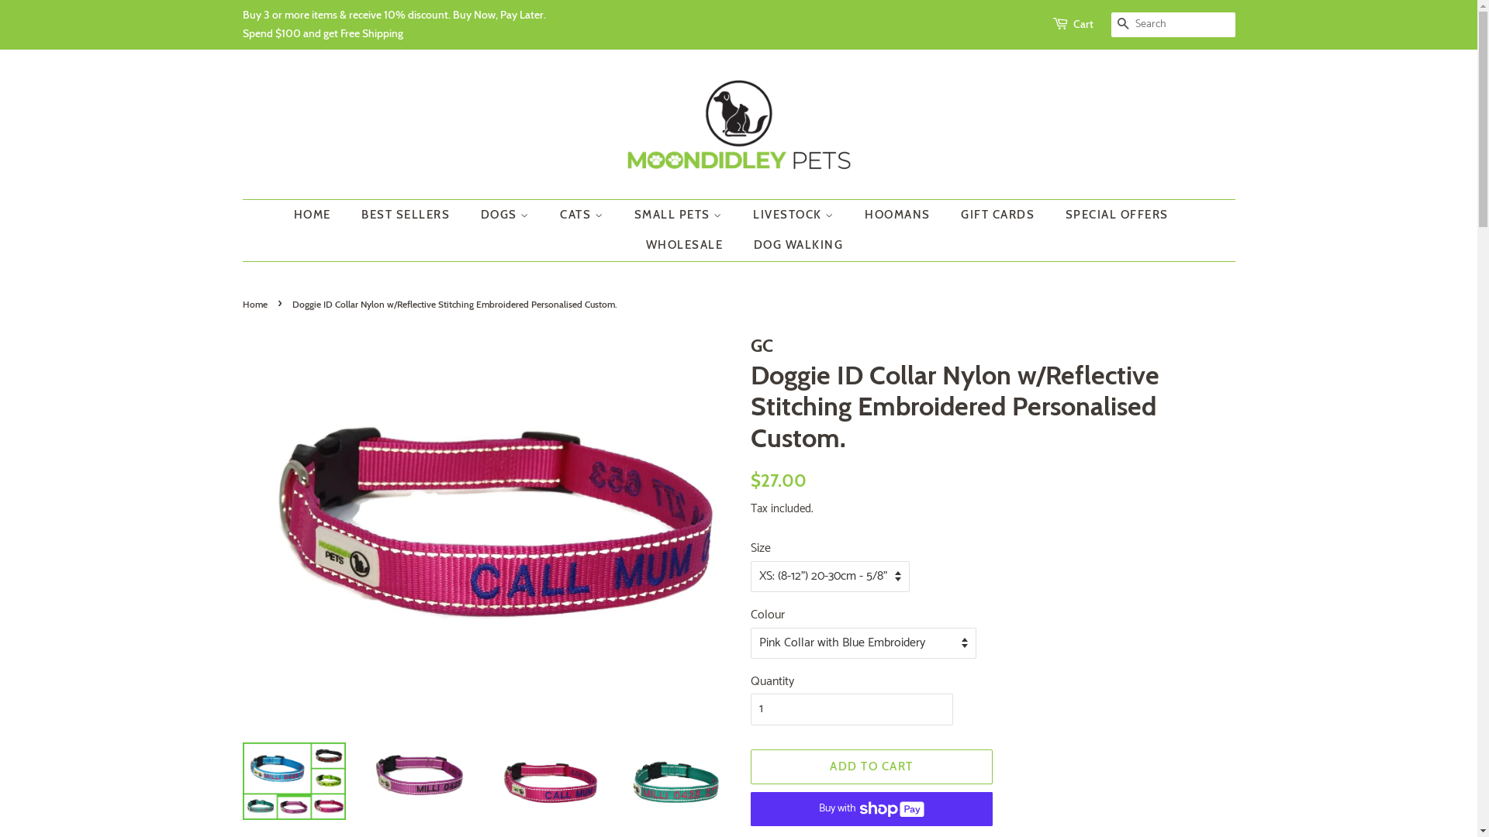 Image resolution: width=1489 pixels, height=837 pixels. I want to click on 'ADD TO CART', so click(872, 766).